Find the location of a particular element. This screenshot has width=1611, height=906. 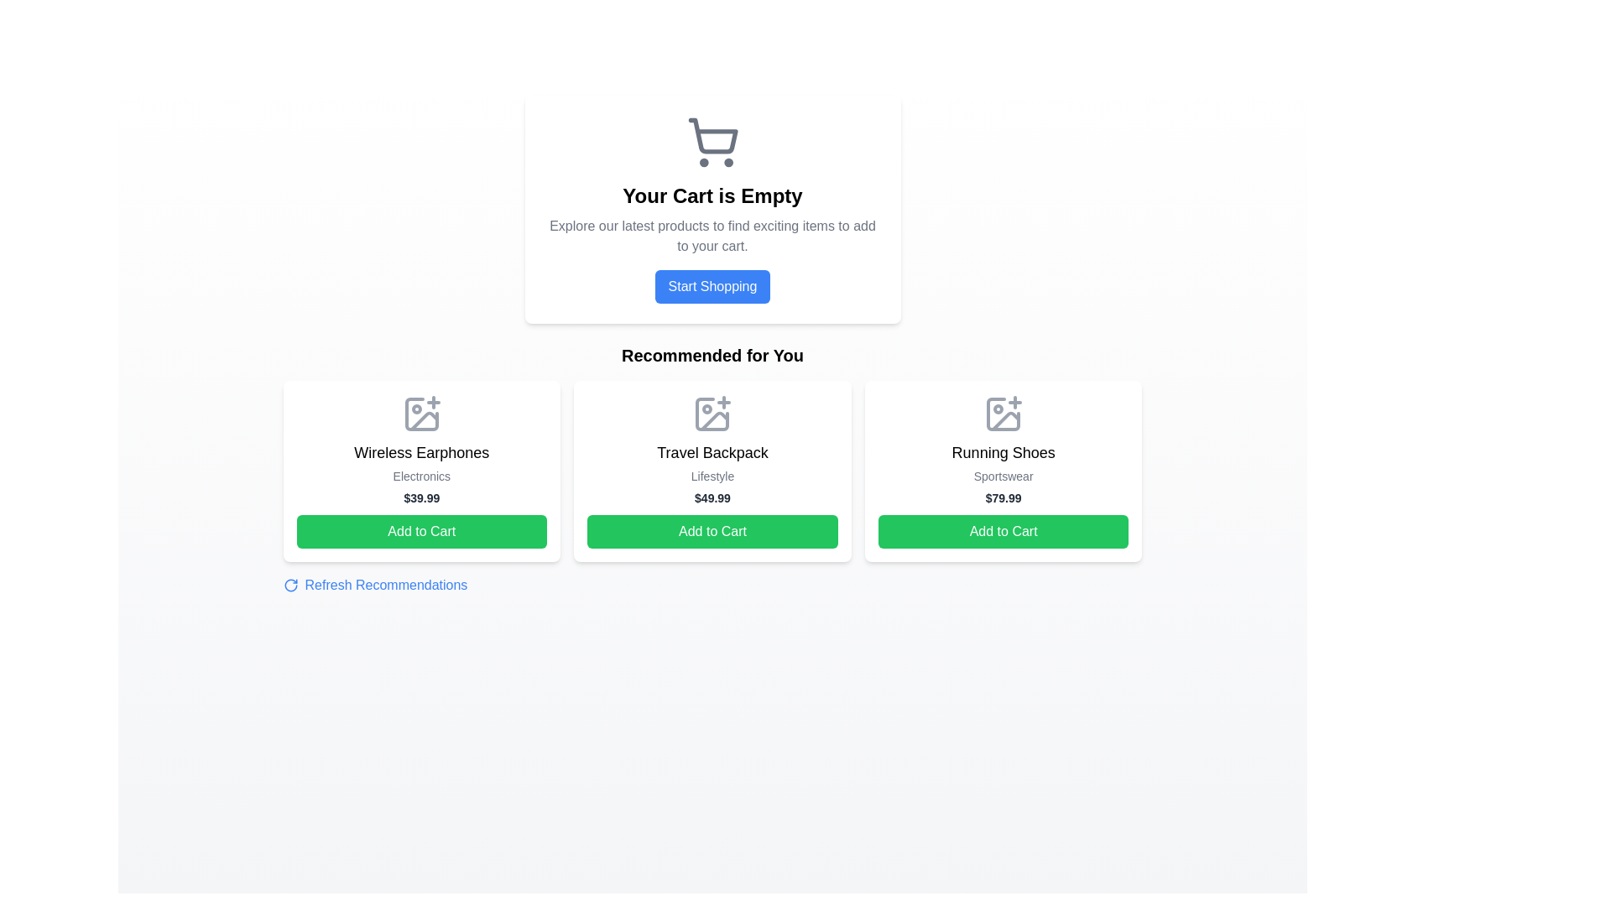

the static text label that indicates the category associated with the product displayed under the title 'Running Shoes' and above the price label '$79.99' is located at coordinates (1004, 476).